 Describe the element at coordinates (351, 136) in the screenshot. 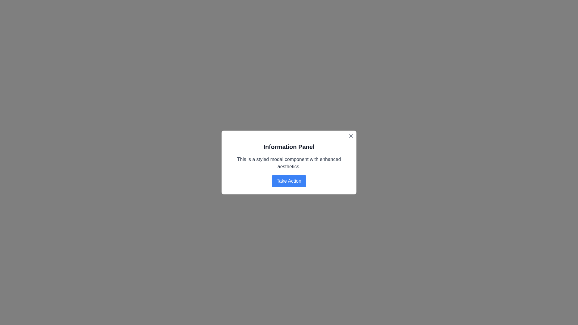

I see `the small, square-shaped close button with a gray cross icon located at the top-right corner of the modal panel to trigger the hover effect that changes its color` at that location.